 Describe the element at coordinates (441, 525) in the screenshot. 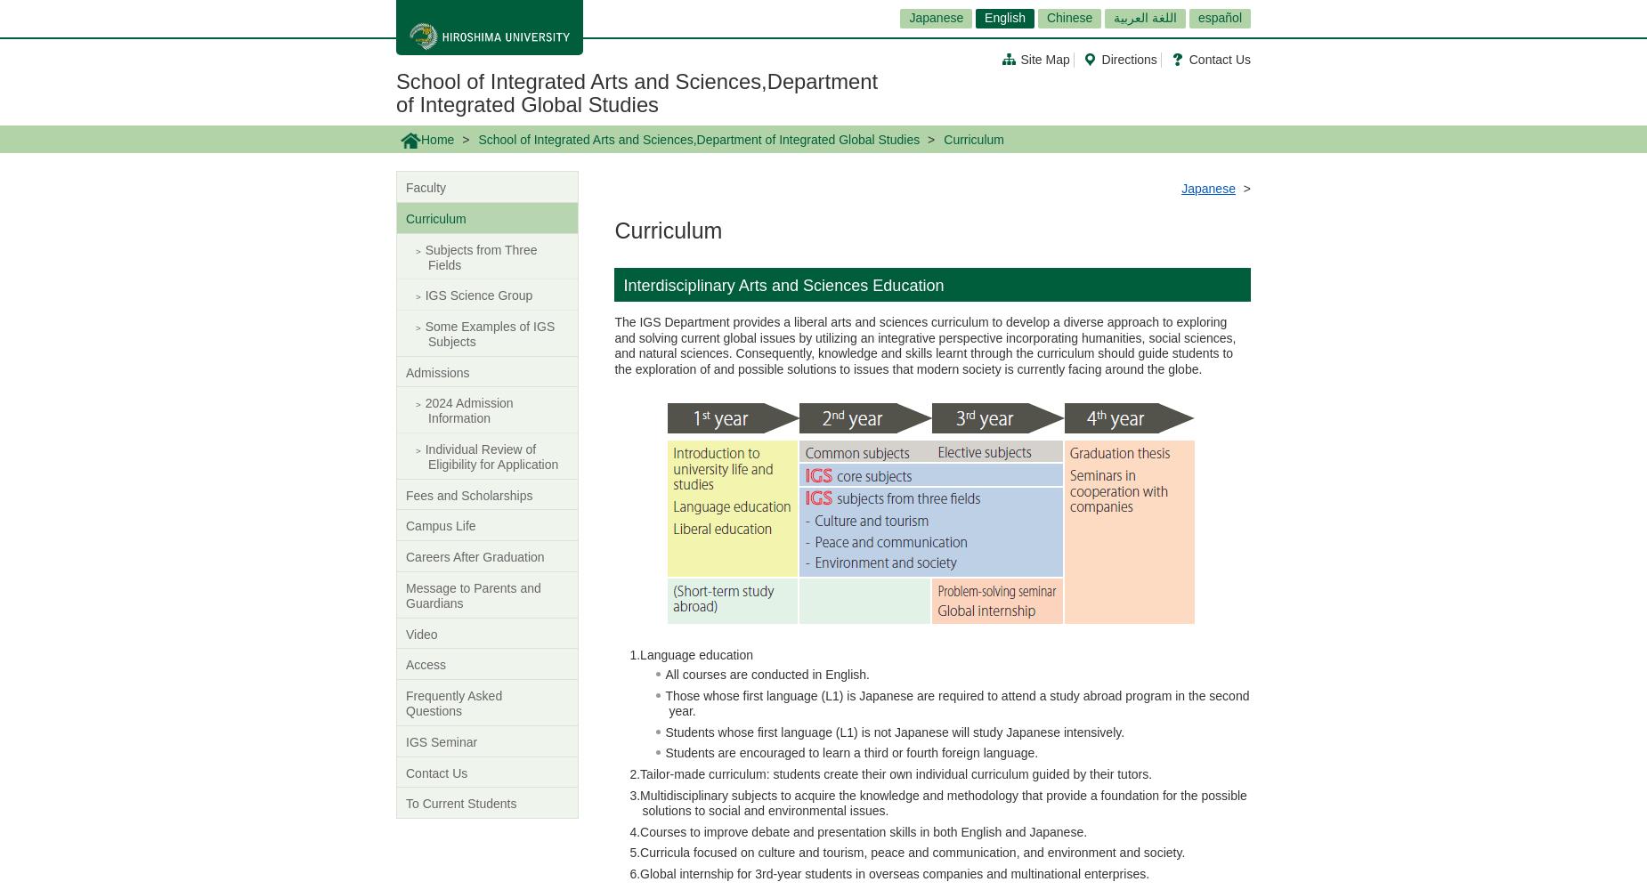

I see `'Campus Life'` at that location.